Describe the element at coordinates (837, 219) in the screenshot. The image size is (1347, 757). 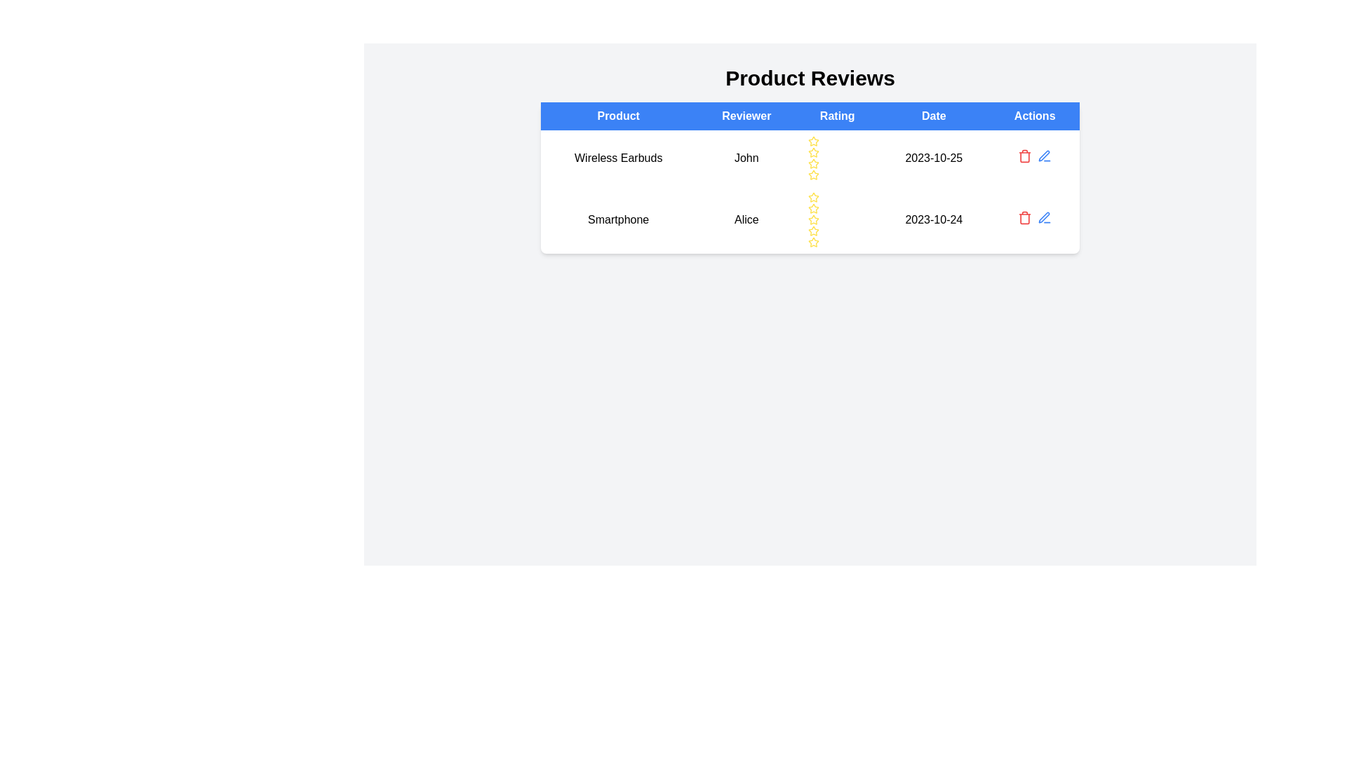
I see `on the stars in the Rating Widget located in the third column of the second row, positioned between 'Reviewer' column with 'Alice' and 'Date' column with '2023-10-24'` at that location.